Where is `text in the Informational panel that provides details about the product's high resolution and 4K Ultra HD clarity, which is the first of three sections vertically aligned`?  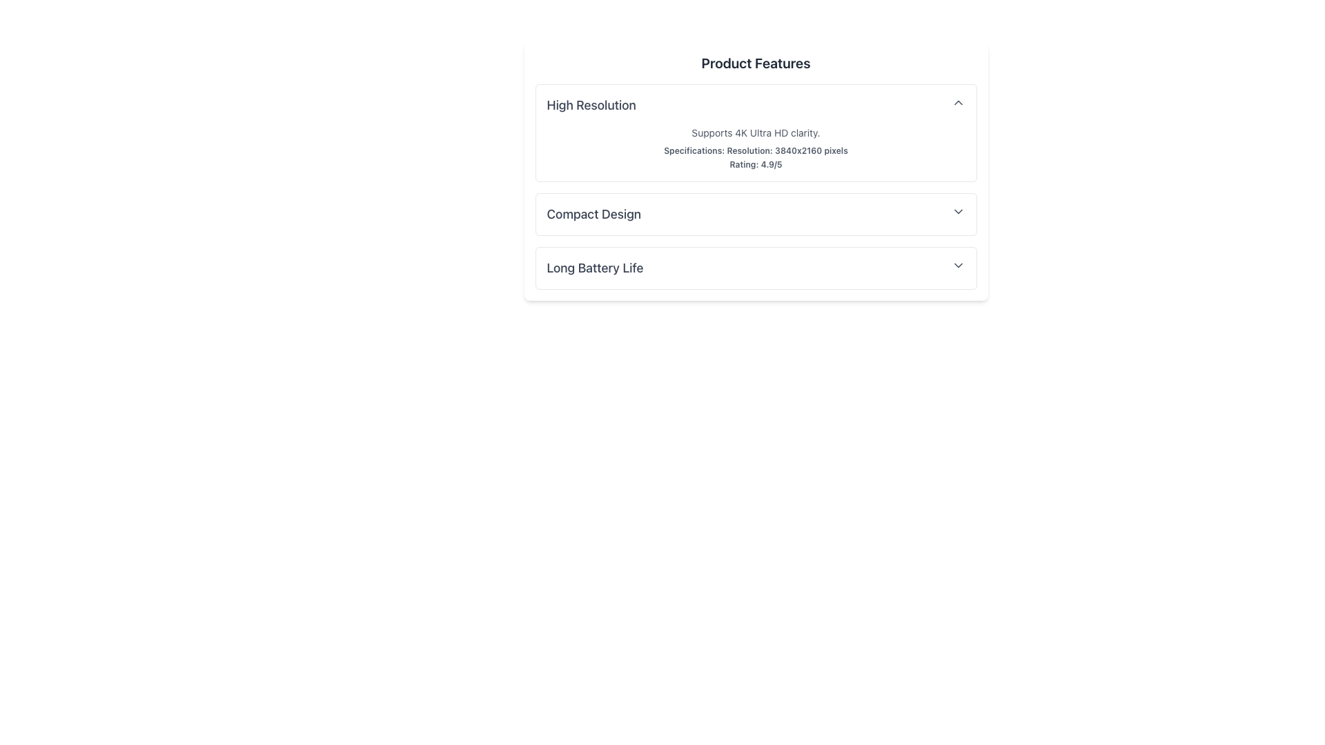
text in the Informational panel that provides details about the product's high resolution and 4K Ultra HD clarity, which is the first of three sections vertically aligned is located at coordinates (755, 171).